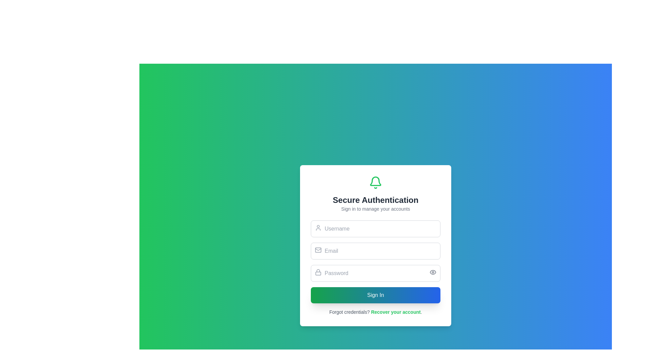 The image size is (648, 364). I want to click on the bell icon, so click(375, 183).